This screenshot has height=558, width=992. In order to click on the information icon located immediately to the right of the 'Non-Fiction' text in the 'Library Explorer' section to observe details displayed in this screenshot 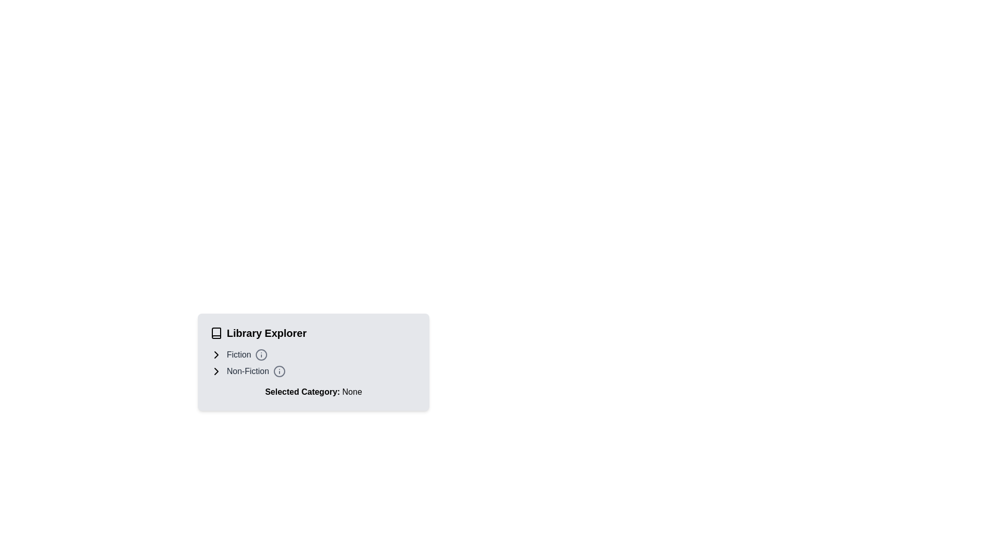, I will do `click(279, 370)`.